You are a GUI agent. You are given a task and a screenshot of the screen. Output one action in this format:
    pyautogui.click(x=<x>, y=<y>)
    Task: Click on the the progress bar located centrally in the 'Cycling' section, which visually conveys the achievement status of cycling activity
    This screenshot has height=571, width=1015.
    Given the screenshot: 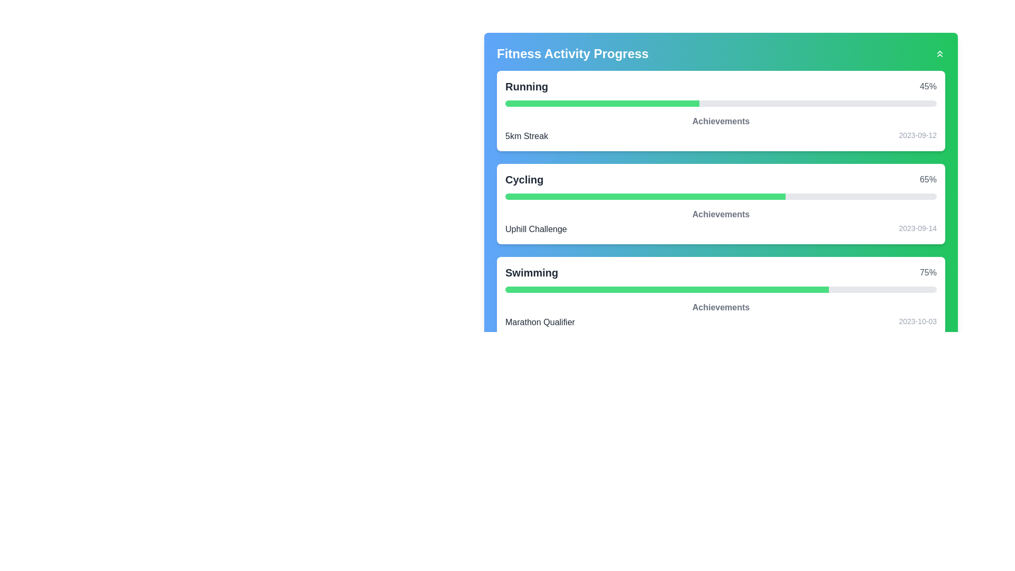 What is the action you would take?
    pyautogui.click(x=720, y=196)
    